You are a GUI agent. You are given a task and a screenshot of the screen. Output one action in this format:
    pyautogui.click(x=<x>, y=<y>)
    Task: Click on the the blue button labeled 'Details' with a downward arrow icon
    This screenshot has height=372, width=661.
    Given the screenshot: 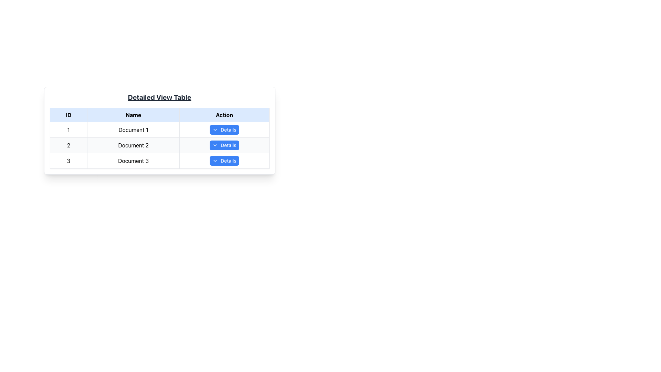 What is the action you would take?
    pyautogui.click(x=224, y=161)
    